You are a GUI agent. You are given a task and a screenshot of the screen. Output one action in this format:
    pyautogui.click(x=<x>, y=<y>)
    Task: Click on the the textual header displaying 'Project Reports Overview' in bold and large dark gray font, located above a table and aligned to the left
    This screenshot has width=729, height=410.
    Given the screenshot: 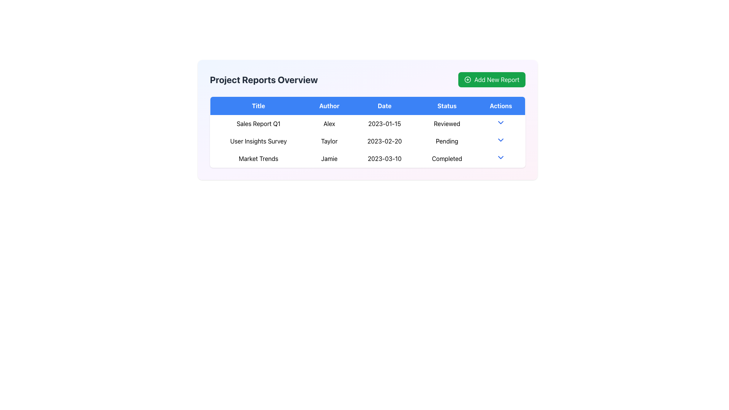 What is the action you would take?
    pyautogui.click(x=264, y=79)
    